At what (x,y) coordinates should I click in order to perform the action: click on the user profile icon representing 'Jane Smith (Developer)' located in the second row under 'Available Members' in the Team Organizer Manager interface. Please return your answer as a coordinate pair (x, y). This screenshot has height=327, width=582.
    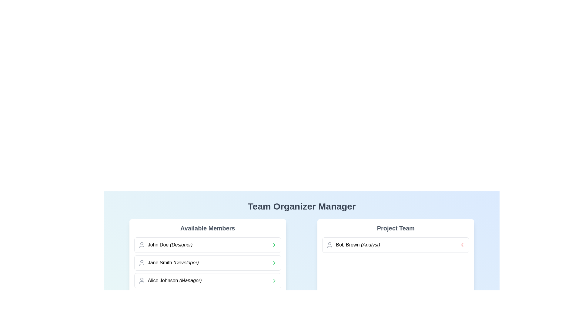
    Looking at the image, I should click on (141, 263).